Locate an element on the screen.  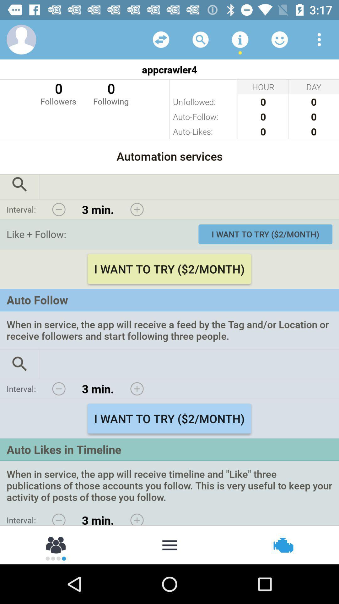
set lower is located at coordinates (59, 517).